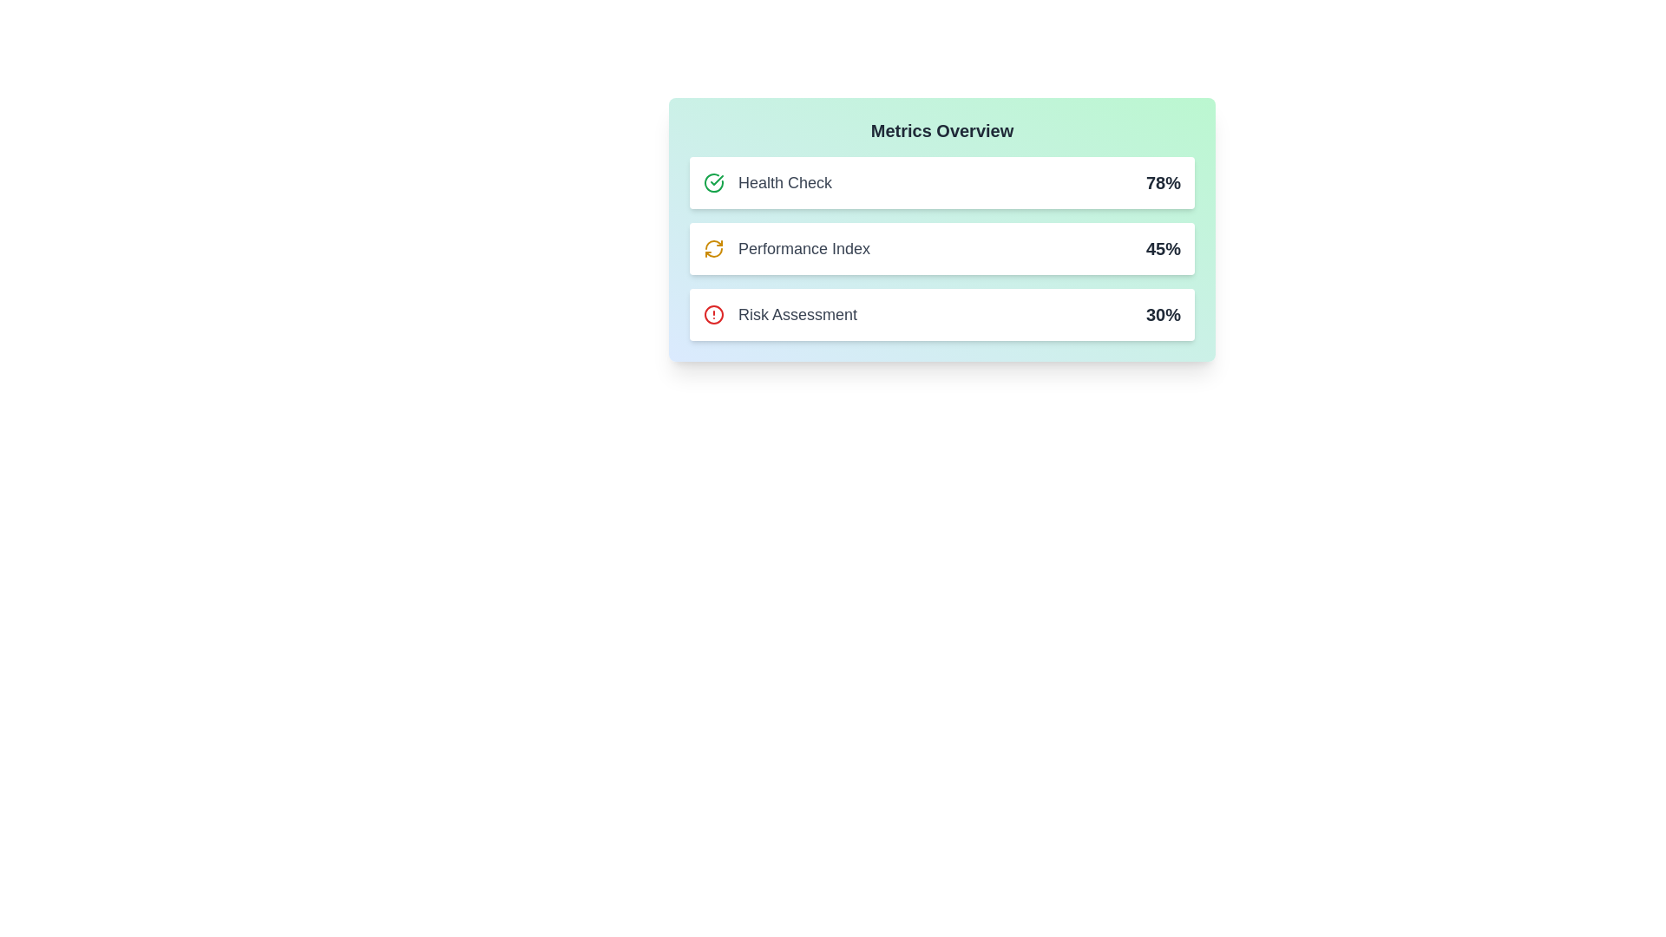  What do you see at coordinates (941, 248) in the screenshot?
I see `the display card component indicating 'Performance Index' with the value '45%', which is centrally located in a vertical stack of three elements, between 'Health Check' and 'Risk Assessment'` at bounding box center [941, 248].